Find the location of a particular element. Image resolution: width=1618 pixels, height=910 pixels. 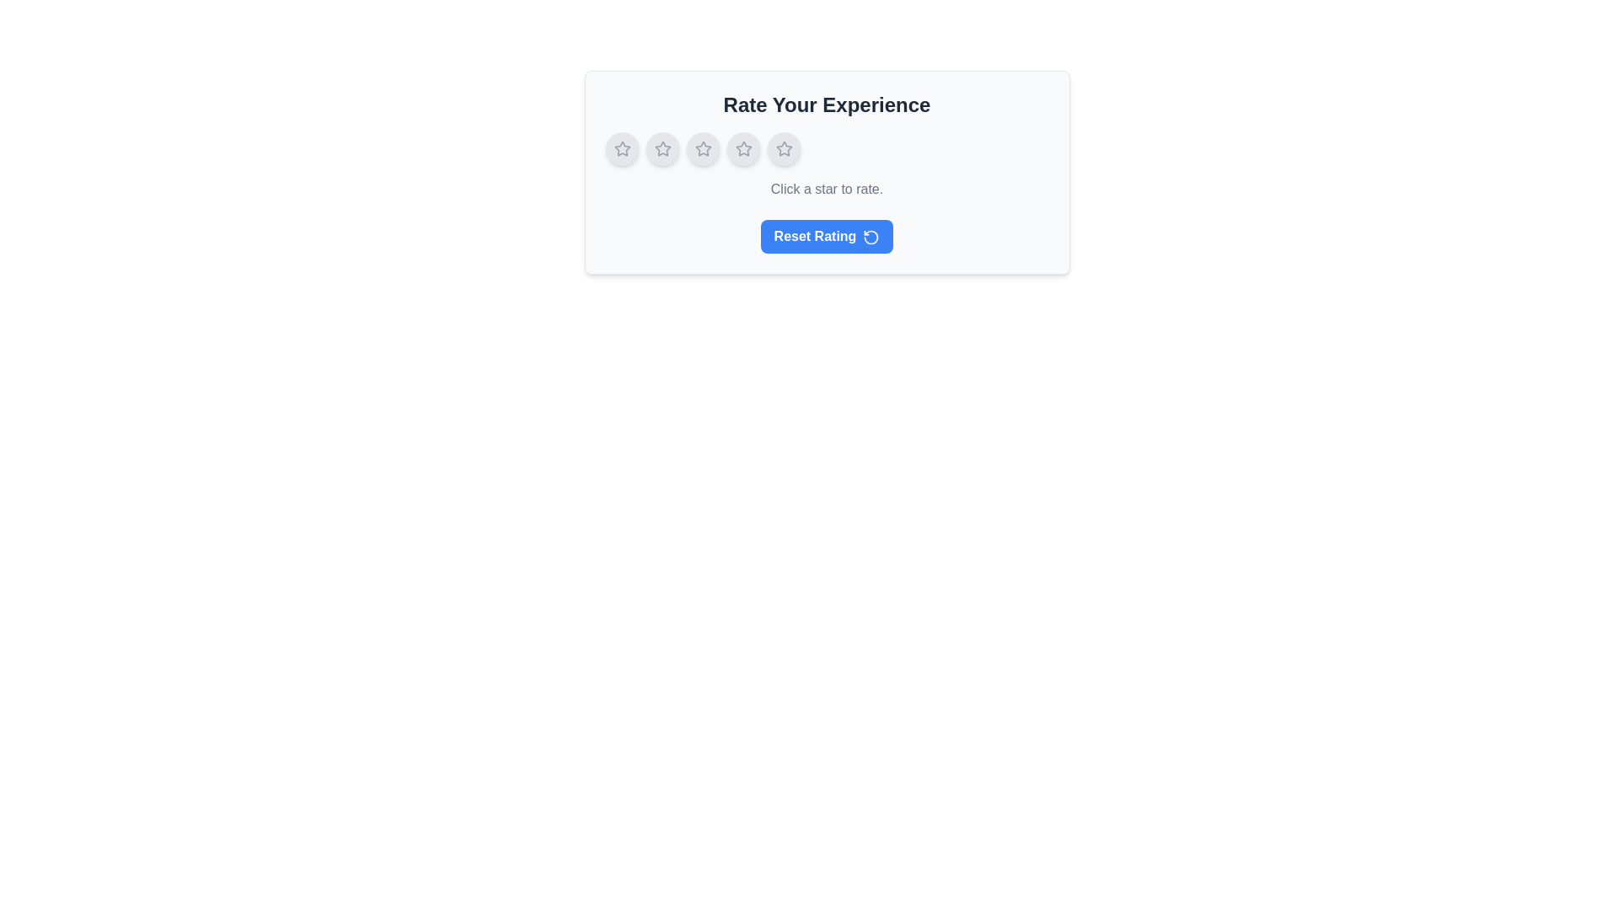

the reset button located at the bottom of the 'Rate Your Experience' card layout to reset any rating made using the star icons is located at coordinates (827, 237).